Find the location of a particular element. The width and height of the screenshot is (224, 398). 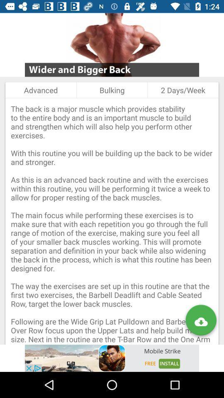

the item next to bulking item is located at coordinates (40, 90).